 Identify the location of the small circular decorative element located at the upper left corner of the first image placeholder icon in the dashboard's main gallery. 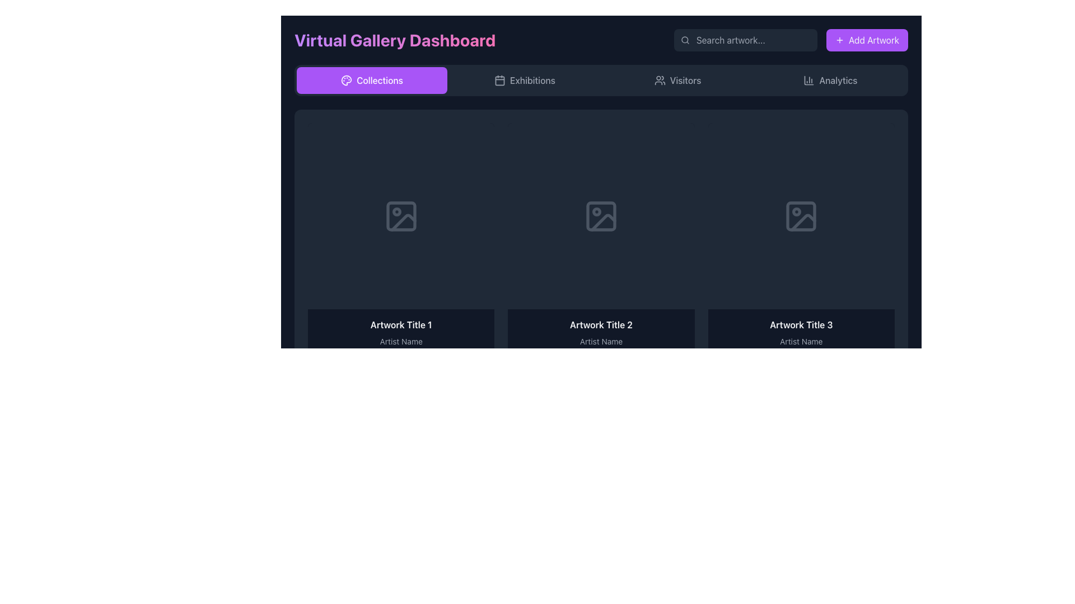
(396, 211).